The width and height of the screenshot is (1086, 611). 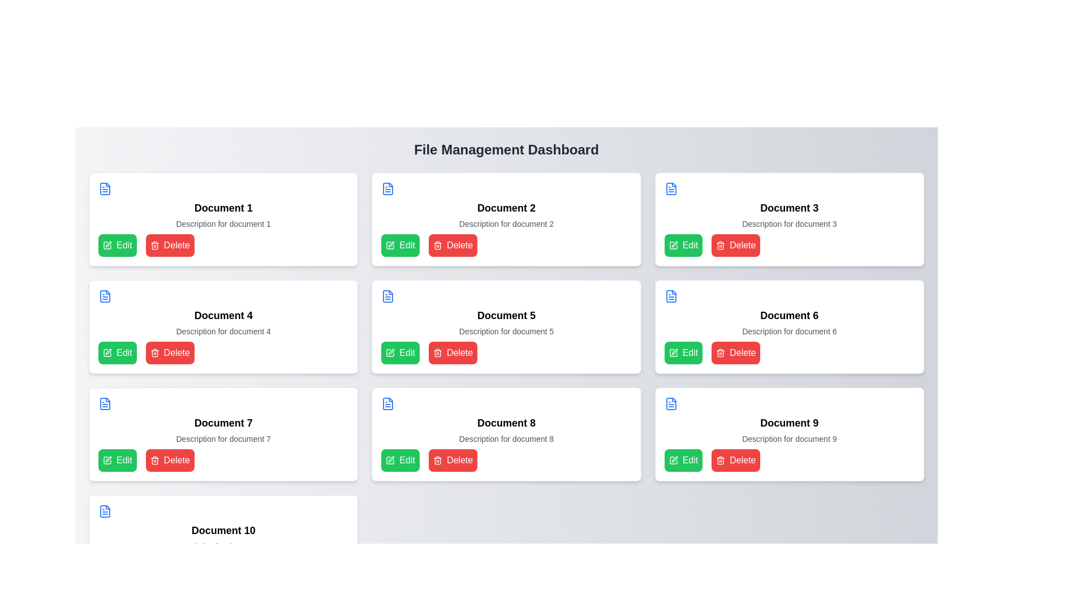 I want to click on the pen icon on a square background, which is located in the 'Document 7' section, directly to the left of the green 'Edit' button, so click(x=109, y=459).